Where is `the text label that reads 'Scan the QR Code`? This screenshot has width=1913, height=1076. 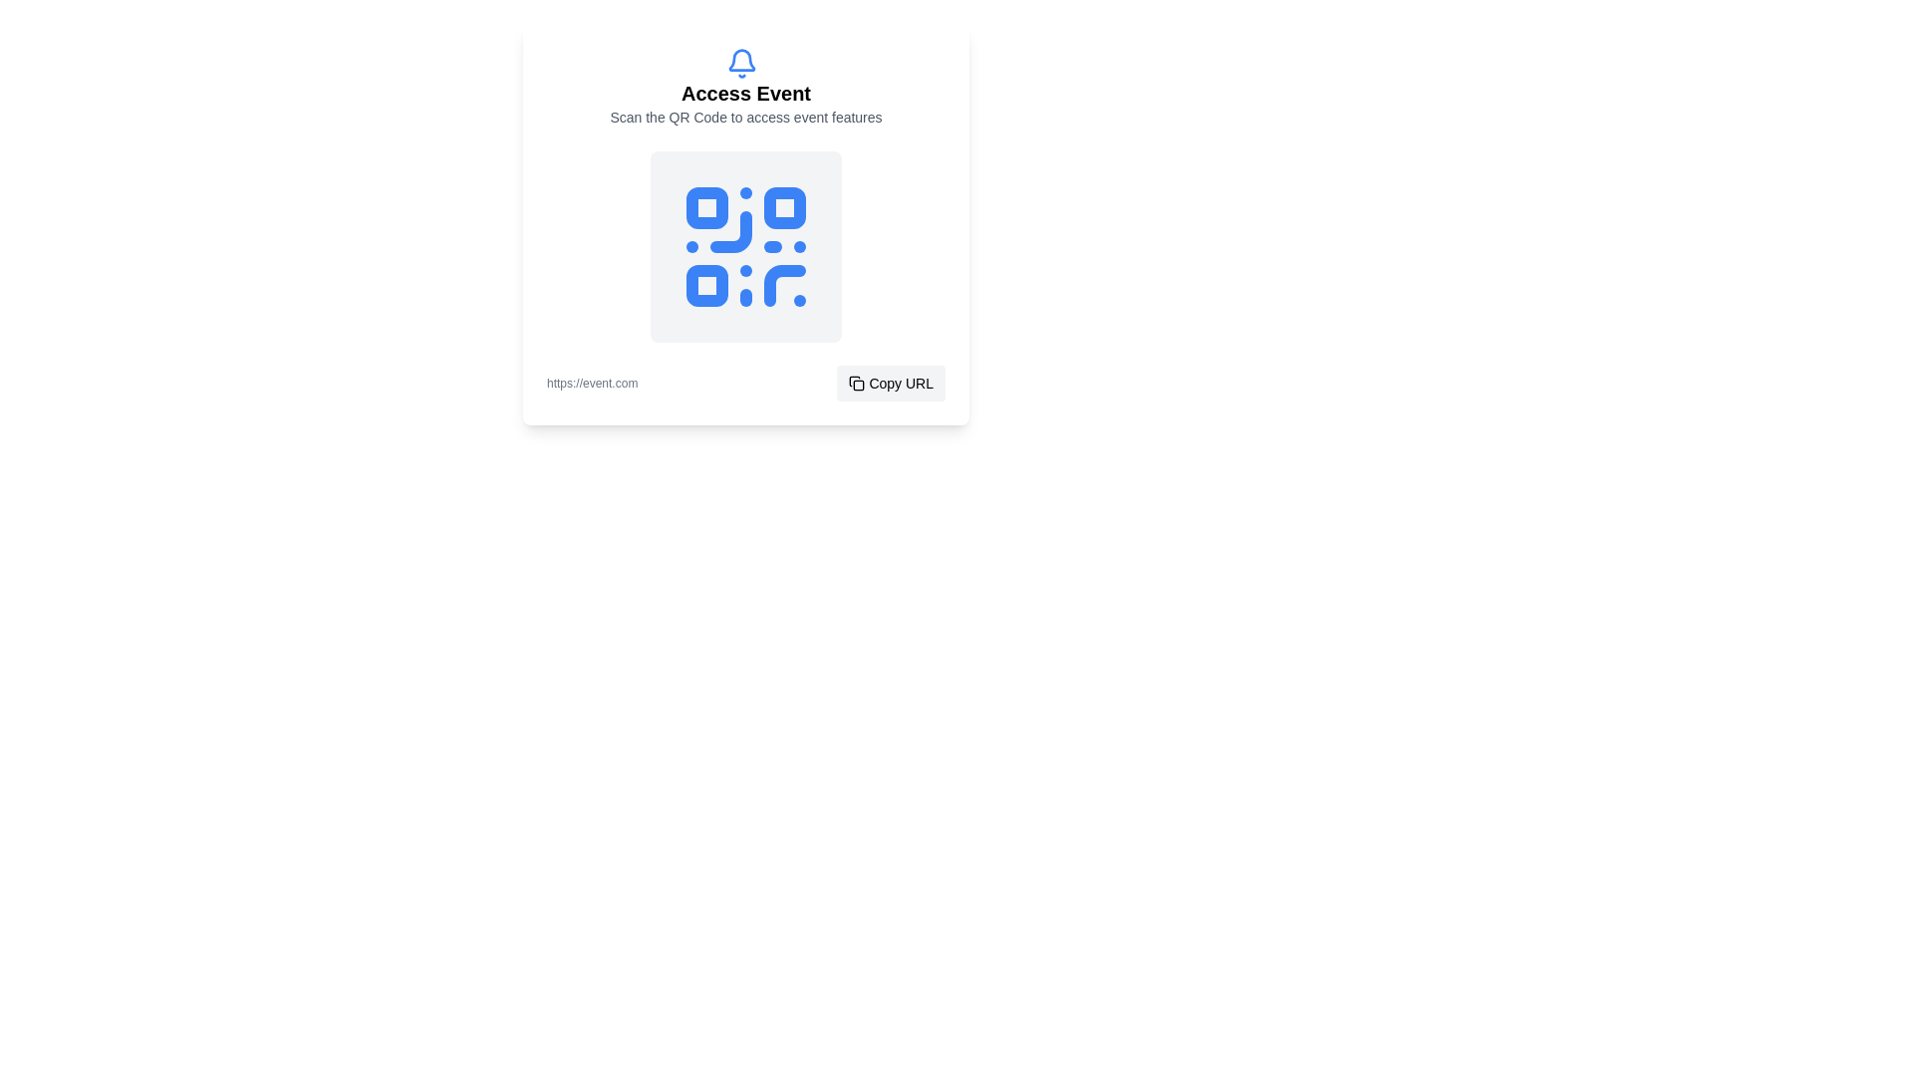 the text label that reads 'Scan the QR Code is located at coordinates (744, 118).